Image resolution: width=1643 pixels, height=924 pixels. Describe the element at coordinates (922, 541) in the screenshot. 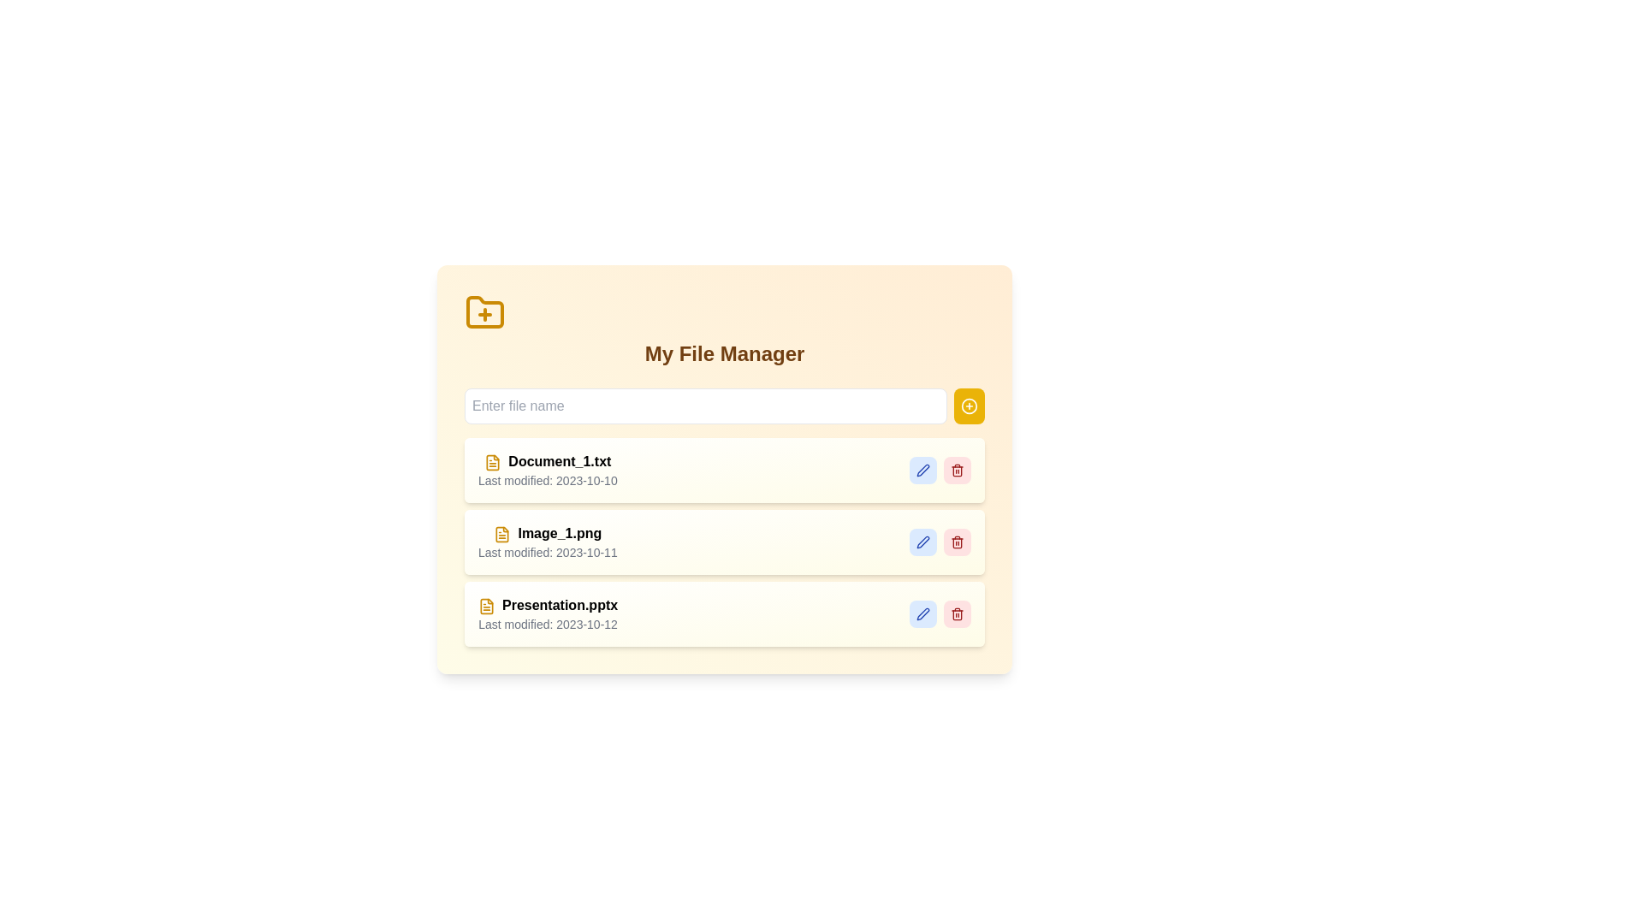

I see `the editing icon located to the right of the file entry labeled 'Image_1.png' to initiate the editing operation` at that location.